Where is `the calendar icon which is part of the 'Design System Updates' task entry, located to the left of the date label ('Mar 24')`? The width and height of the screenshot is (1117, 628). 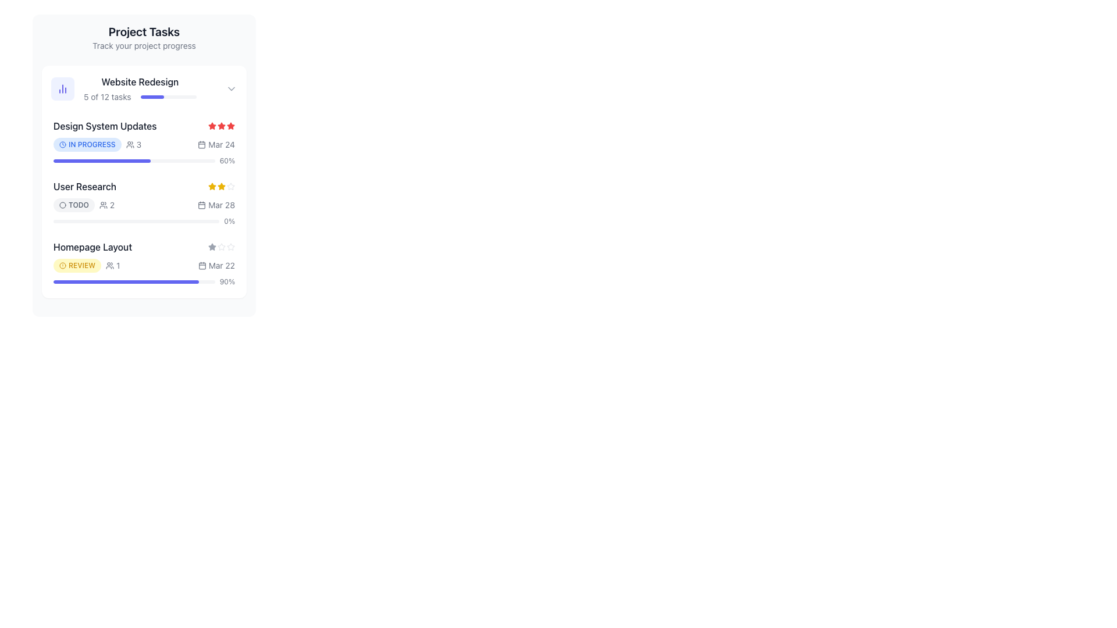
the calendar icon which is part of the 'Design System Updates' task entry, located to the left of the date label ('Mar 24') is located at coordinates (202, 144).